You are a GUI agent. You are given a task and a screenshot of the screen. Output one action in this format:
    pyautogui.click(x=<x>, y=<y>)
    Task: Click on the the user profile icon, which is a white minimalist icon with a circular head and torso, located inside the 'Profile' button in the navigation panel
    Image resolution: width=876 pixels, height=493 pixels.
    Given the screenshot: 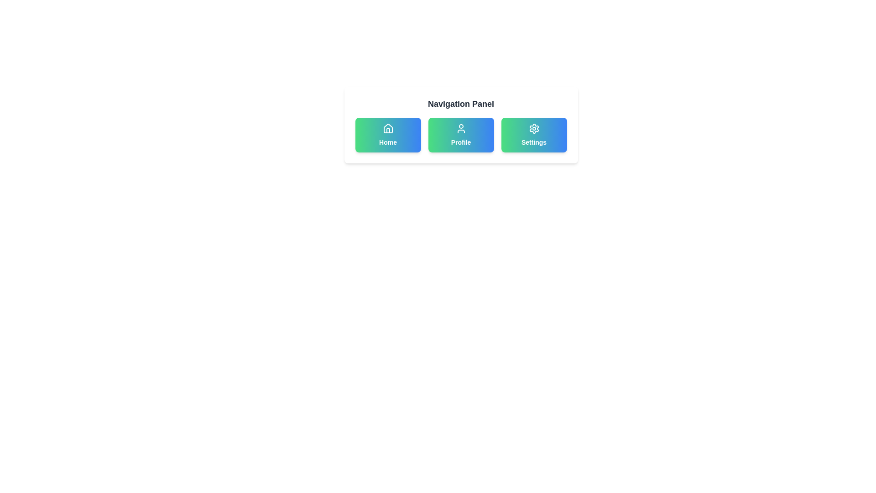 What is the action you would take?
    pyautogui.click(x=461, y=128)
    